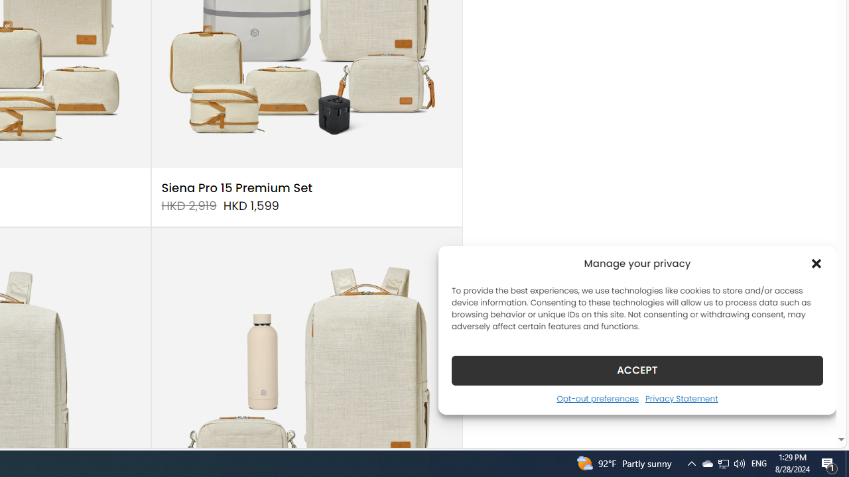 The image size is (849, 477). What do you see at coordinates (596, 397) in the screenshot?
I see `'Opt-out preferences'` at bounding box center [596, 397].